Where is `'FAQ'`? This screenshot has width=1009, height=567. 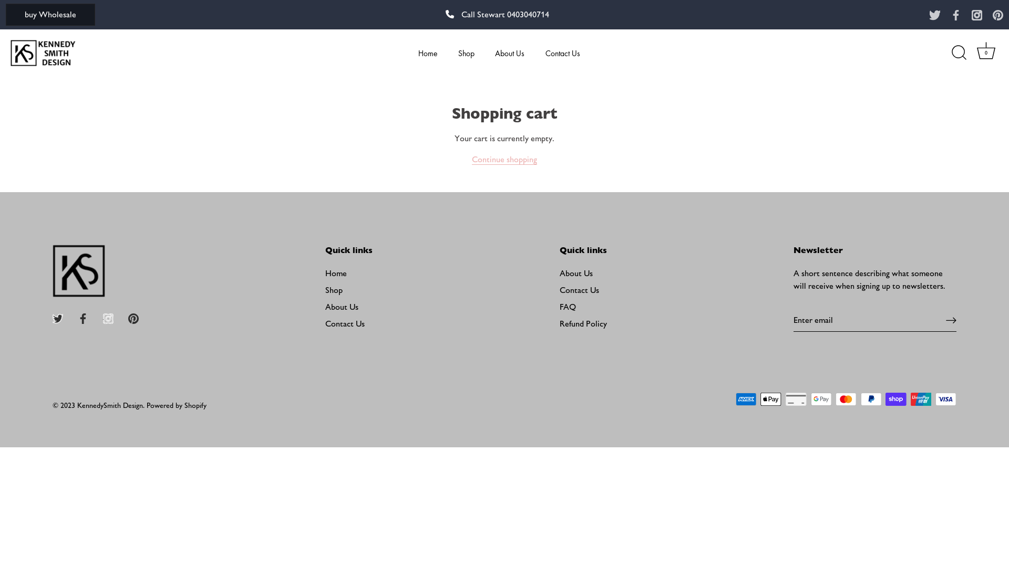 'FAQ' is located at coordinates (567, 307).